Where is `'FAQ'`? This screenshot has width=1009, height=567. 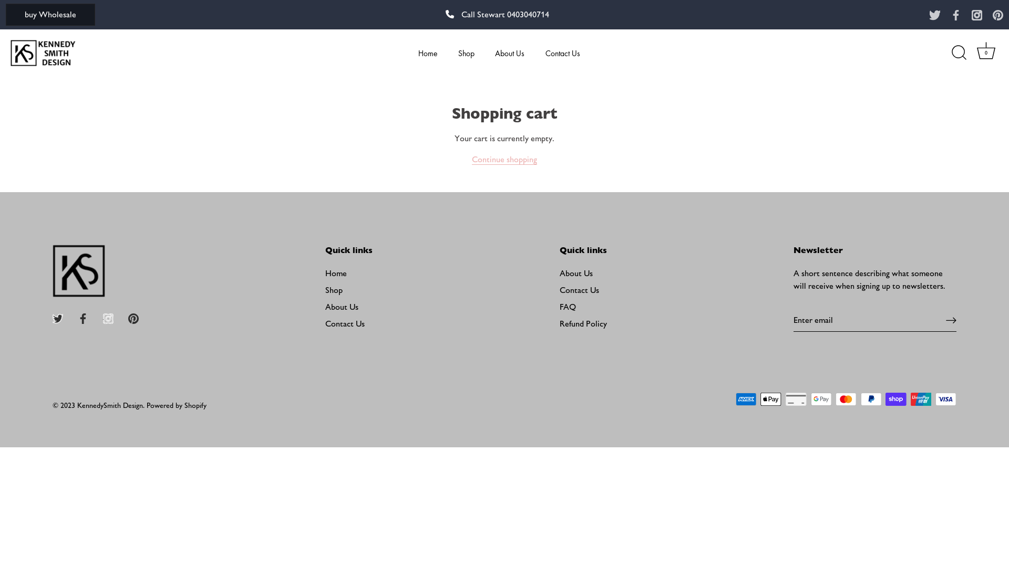 'FAQ' is located at coordinates (567, 307).